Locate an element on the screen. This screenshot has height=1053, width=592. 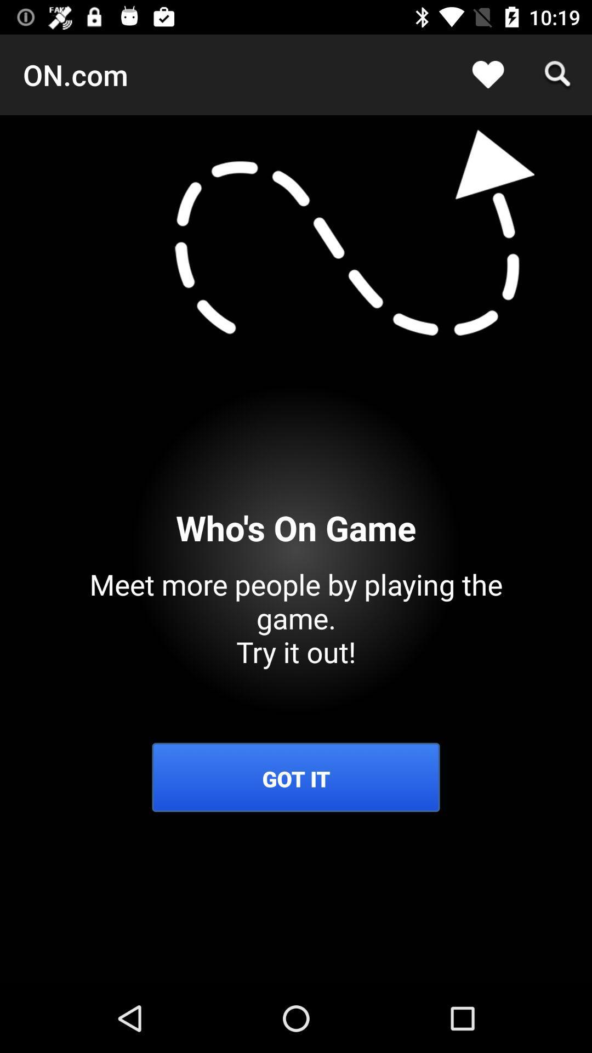
the app to the right of the on.com app is located at coordinates (488, 74).